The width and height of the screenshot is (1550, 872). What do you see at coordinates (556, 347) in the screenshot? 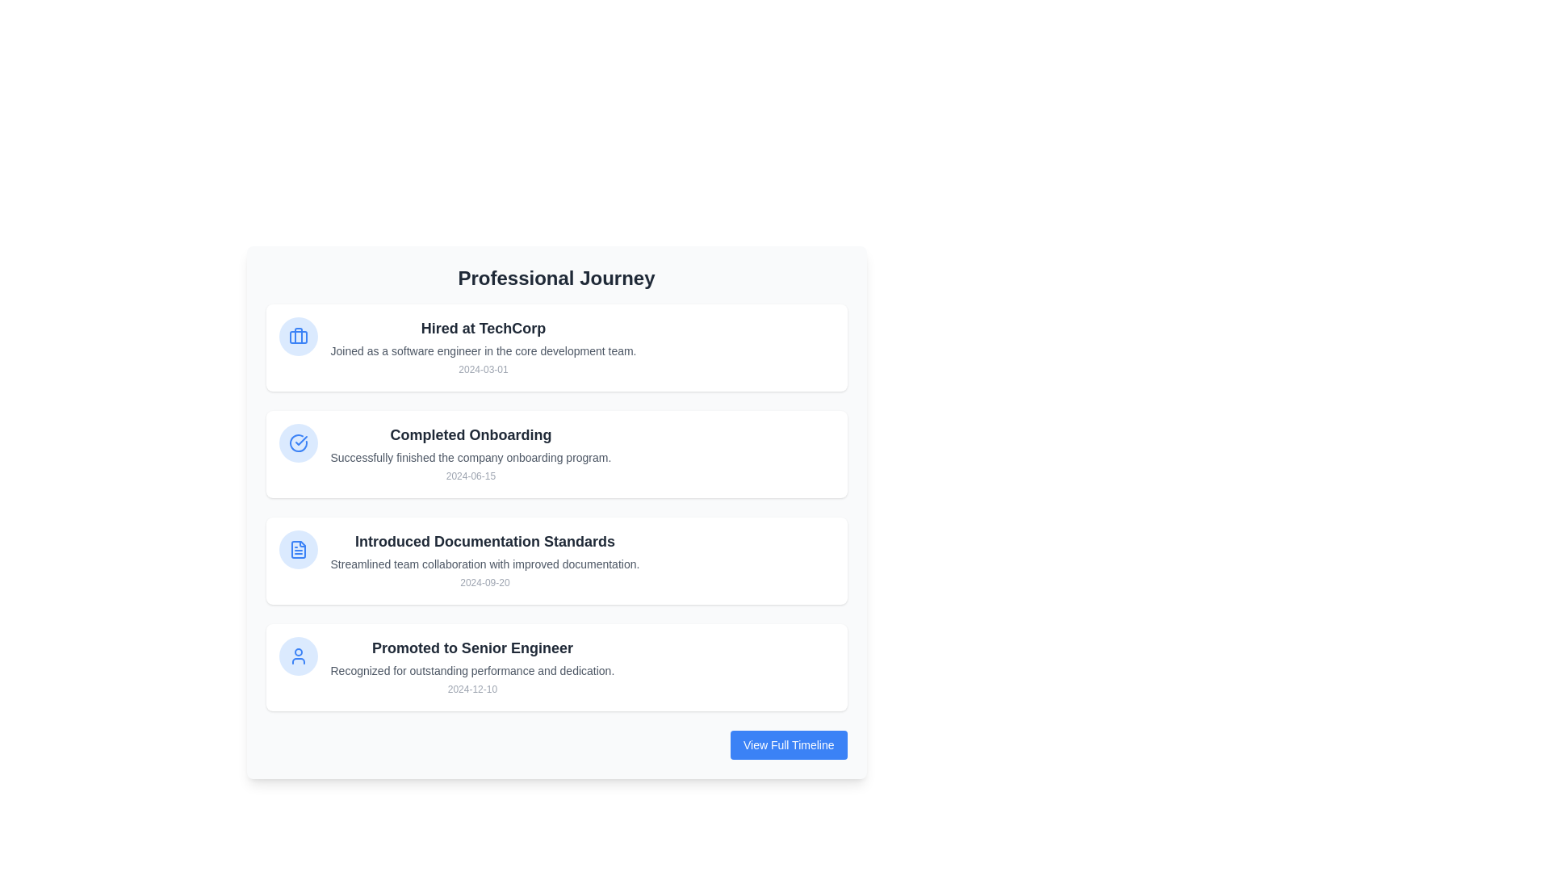
I see `the first Card element in the 'Professional Journey' section, which represents a professional milestone or achievement, to allow for dynamic changes` at bounding box center [556, 347].